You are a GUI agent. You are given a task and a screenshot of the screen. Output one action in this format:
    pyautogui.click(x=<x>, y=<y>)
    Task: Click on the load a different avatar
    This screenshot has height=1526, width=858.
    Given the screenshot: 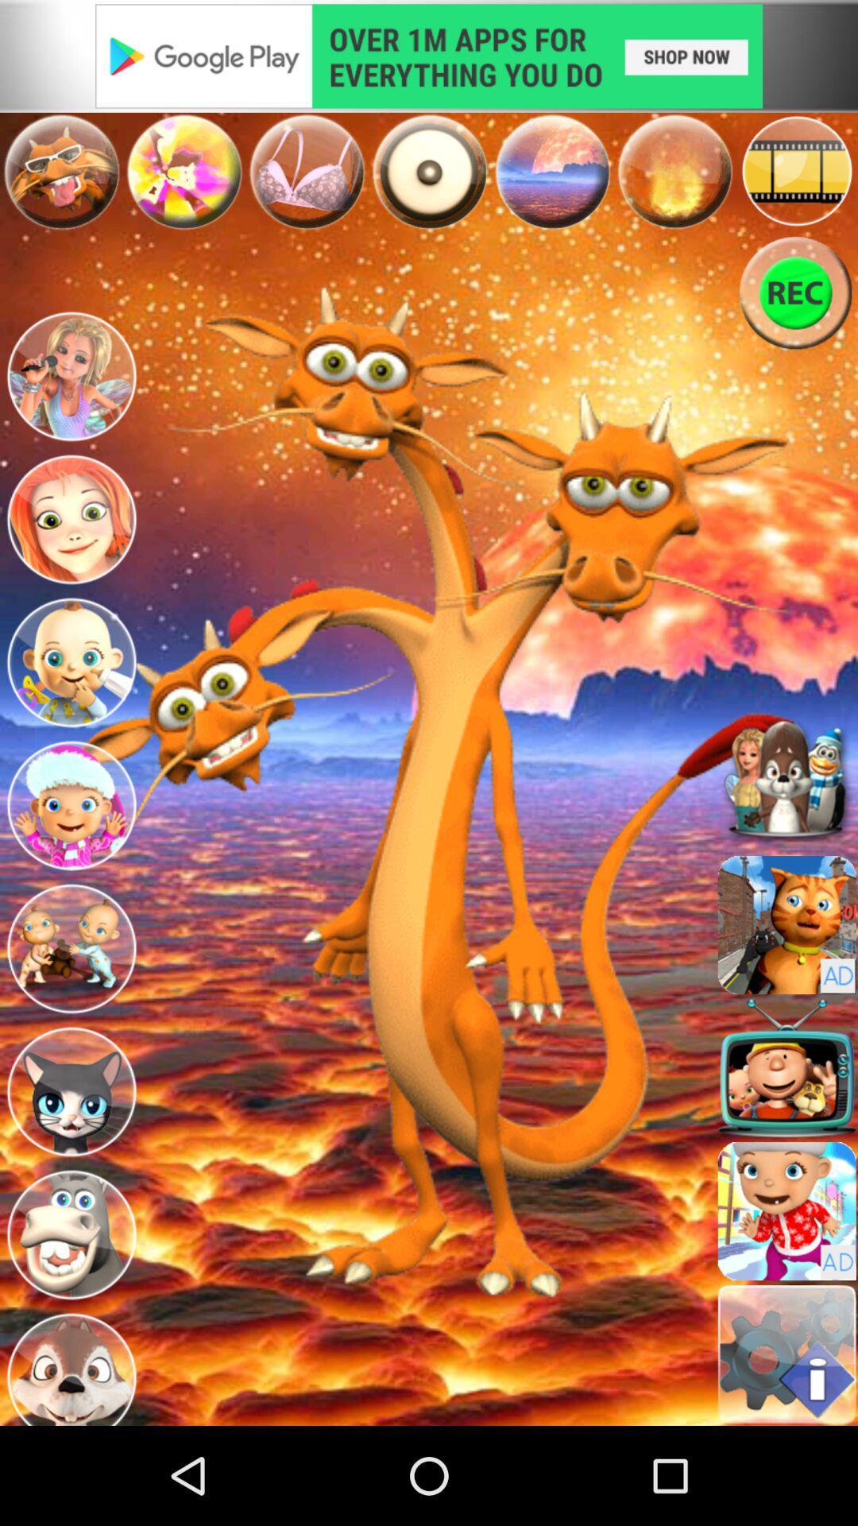 What is the action you would take?
    pyautogui.click(x=786, y=924)
    